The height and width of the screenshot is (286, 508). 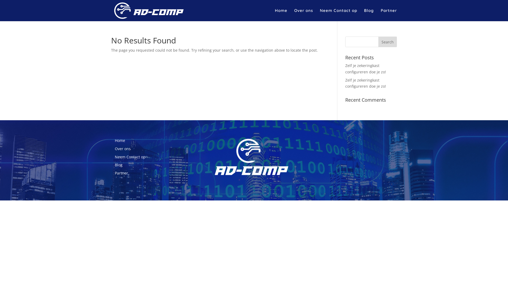 What do you see at coordinates (338, 15) in the screenshot?
I see `'Neem Contact op'` at bounding box center [338, 15].